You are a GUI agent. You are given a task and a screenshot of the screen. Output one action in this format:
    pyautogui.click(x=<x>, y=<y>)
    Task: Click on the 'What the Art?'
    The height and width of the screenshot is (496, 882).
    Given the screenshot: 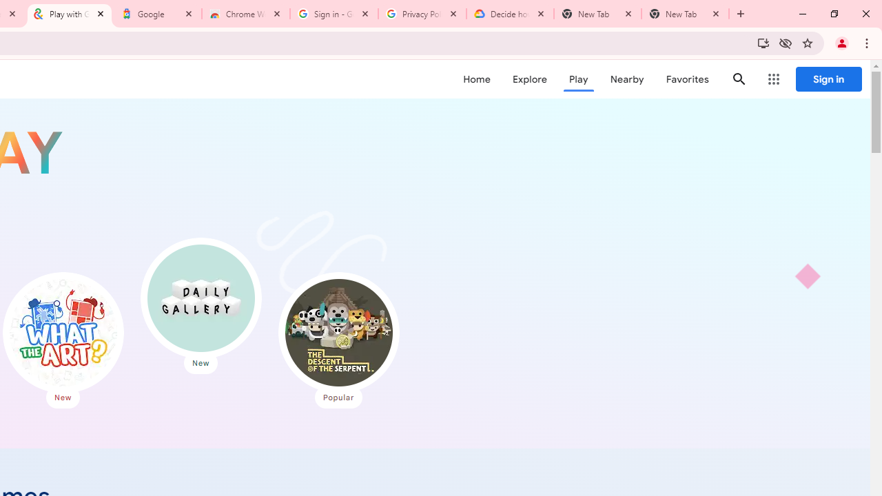 What is the action you would take?
    pyautogui.click(x=62, y=333)
    